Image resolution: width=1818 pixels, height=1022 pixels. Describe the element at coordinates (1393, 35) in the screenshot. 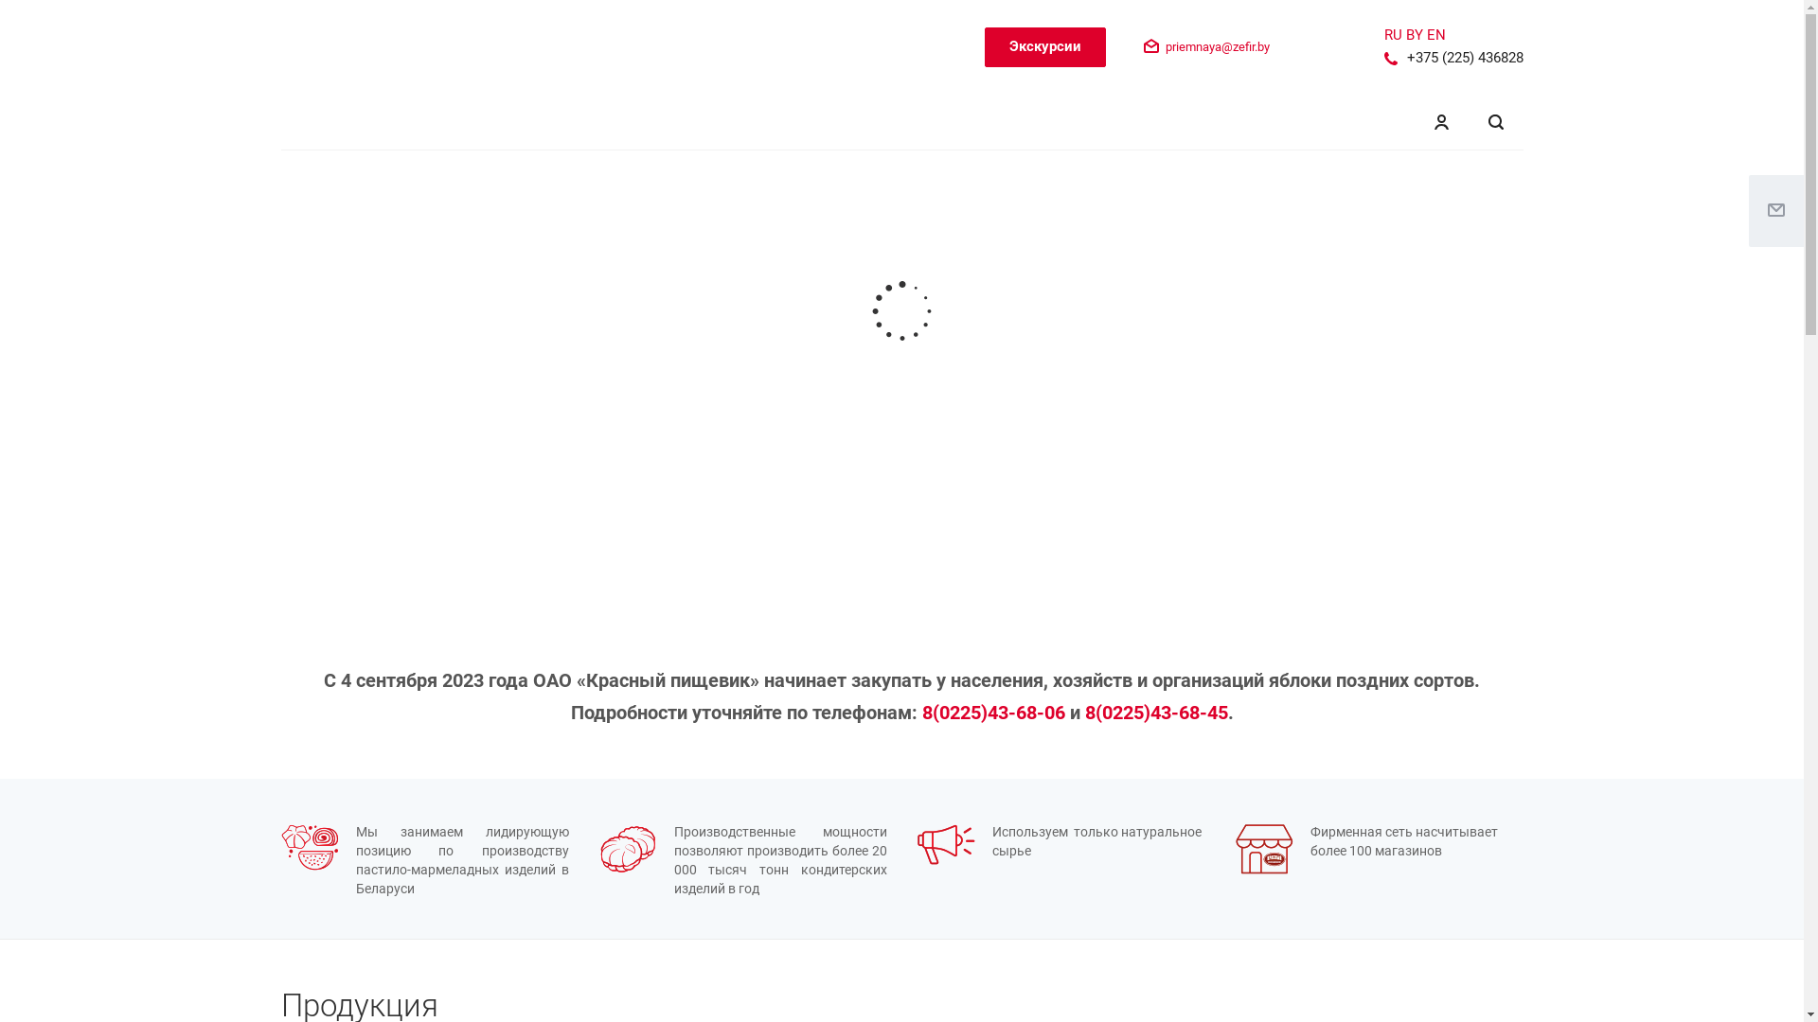

I see `'RU'` at that location.